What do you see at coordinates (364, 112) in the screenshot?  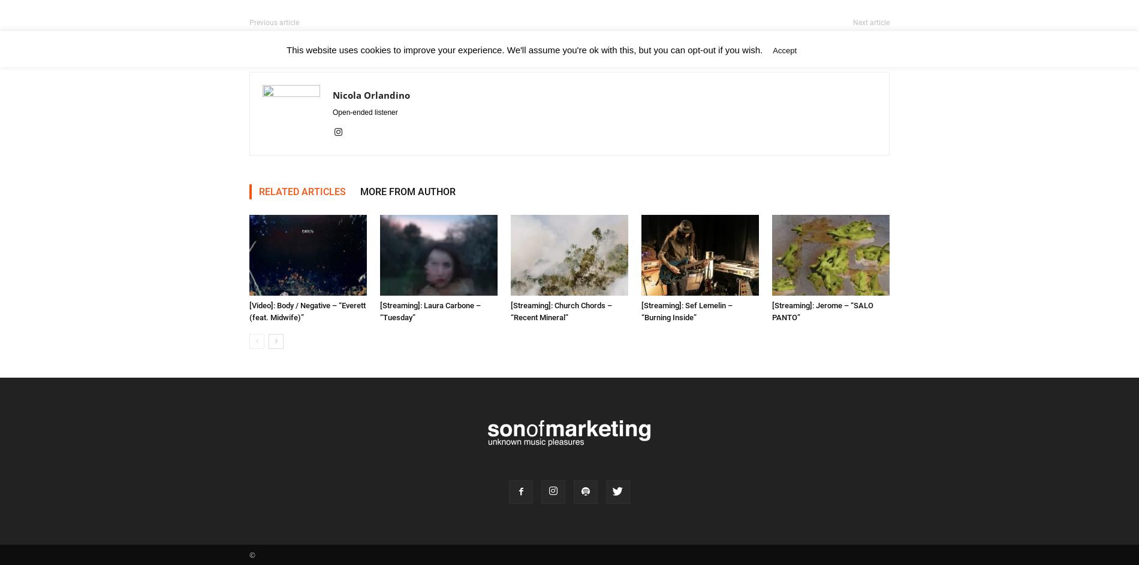 I see `'Open-ended listener'` at bounding box center [364, 112].